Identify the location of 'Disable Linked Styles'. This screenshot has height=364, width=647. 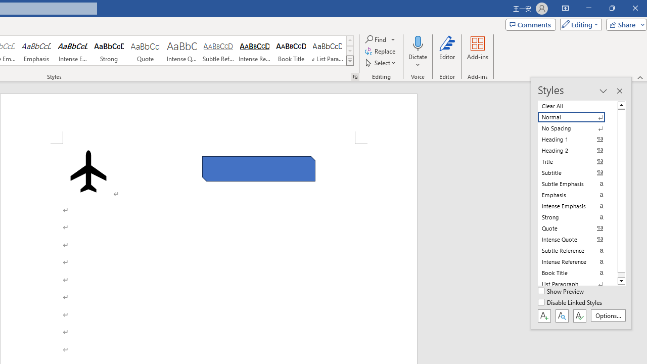
(571, 302).